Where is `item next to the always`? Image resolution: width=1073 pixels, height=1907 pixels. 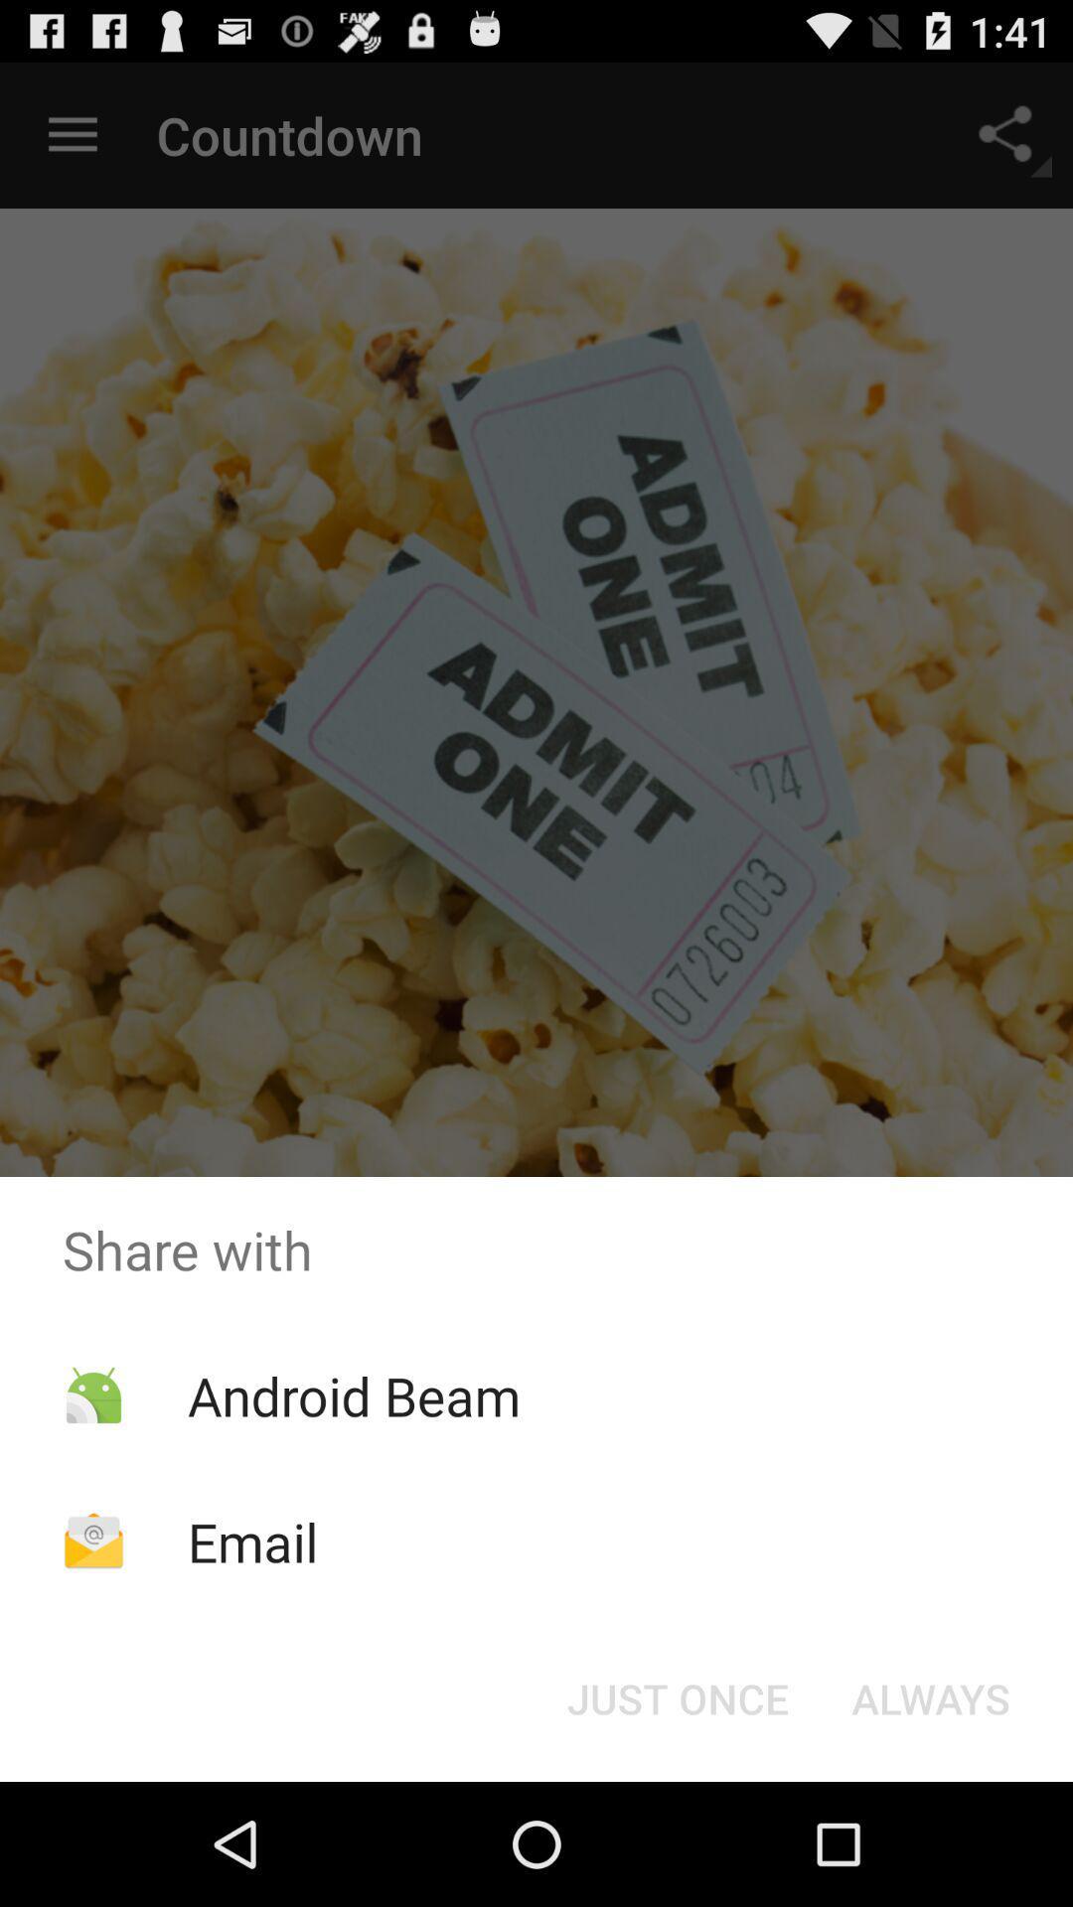 item next to the always is located at coordinates (677, 1696).